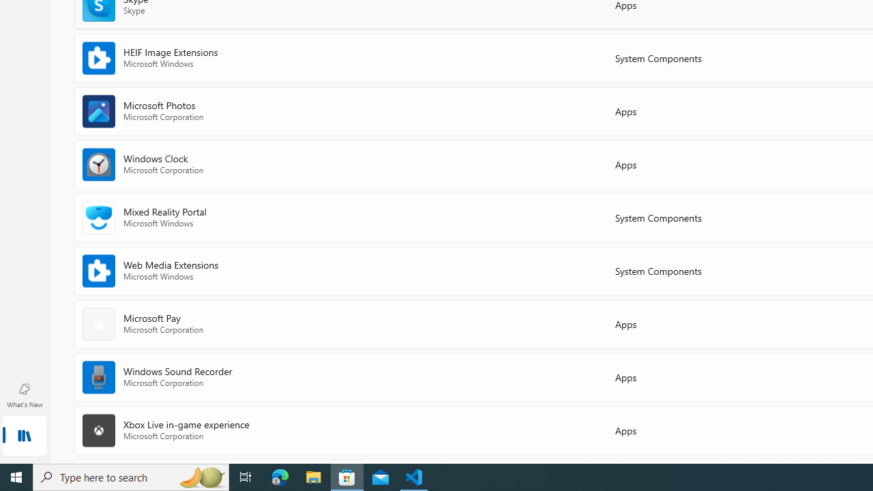  What do you see at coordinates (24, 436) in the screenshot?
I see `'Library'` at bounding box center [24, 436].